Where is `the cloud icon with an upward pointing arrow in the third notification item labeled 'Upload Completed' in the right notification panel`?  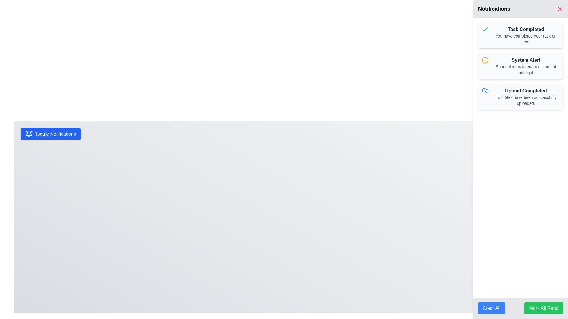 the cloud icon with an upward pointing arrow in the third notification item labeled 'Upload Completed' in the right notification panel is located at coordinates (485, 90).